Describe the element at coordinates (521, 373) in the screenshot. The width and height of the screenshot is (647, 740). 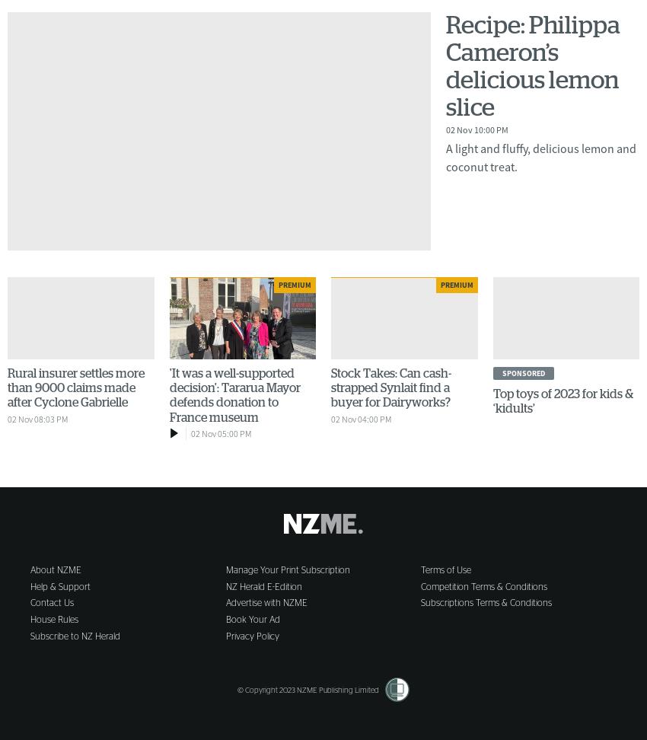
I see `'sponsored'` at that location.